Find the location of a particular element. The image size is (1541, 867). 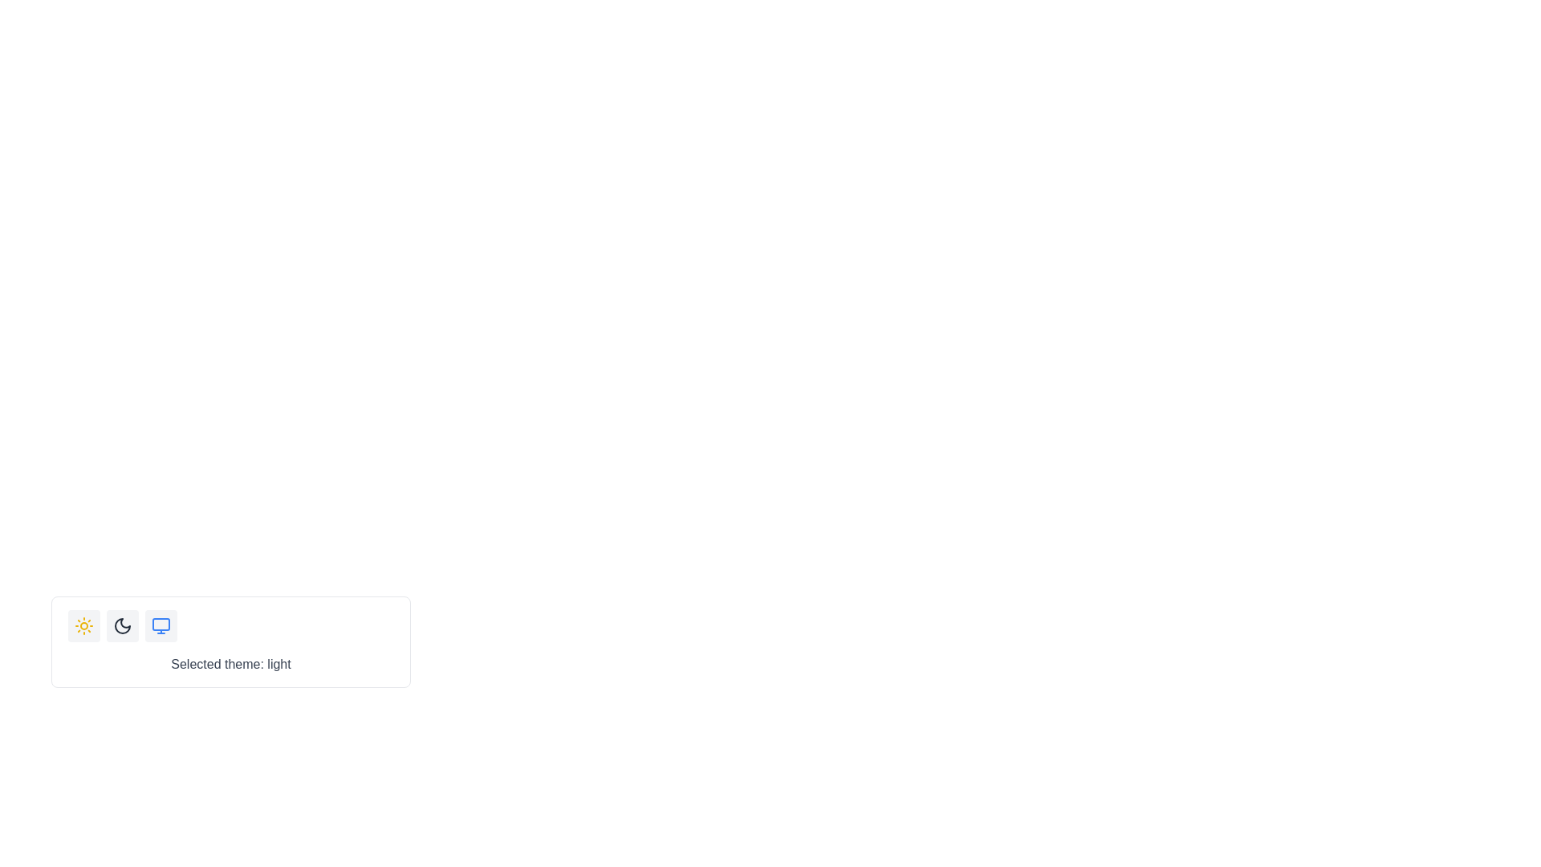

the crescent moon icon in the thematic toggle control section is located at coordinates (122, 625).